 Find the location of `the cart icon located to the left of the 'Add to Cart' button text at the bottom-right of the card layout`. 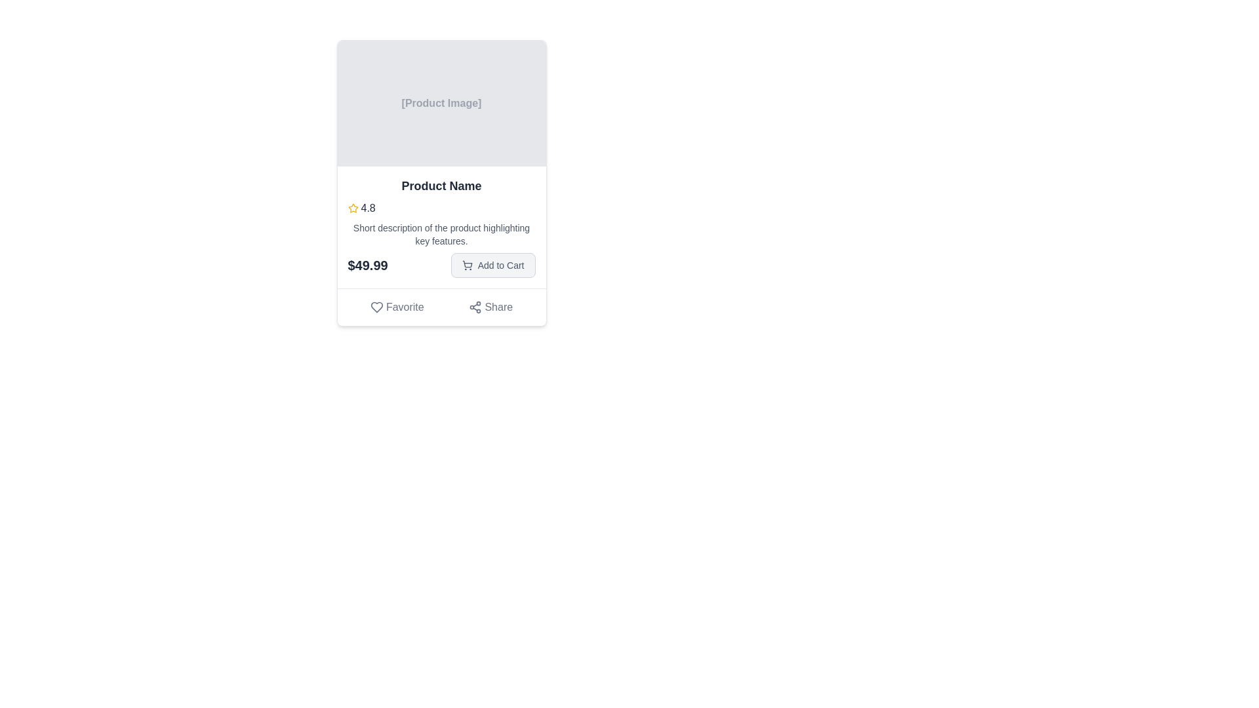

the cart icon located to the left of the 'Add to Cart' button text at the bottom-right of the card layout is located at coordinates (467, 265).